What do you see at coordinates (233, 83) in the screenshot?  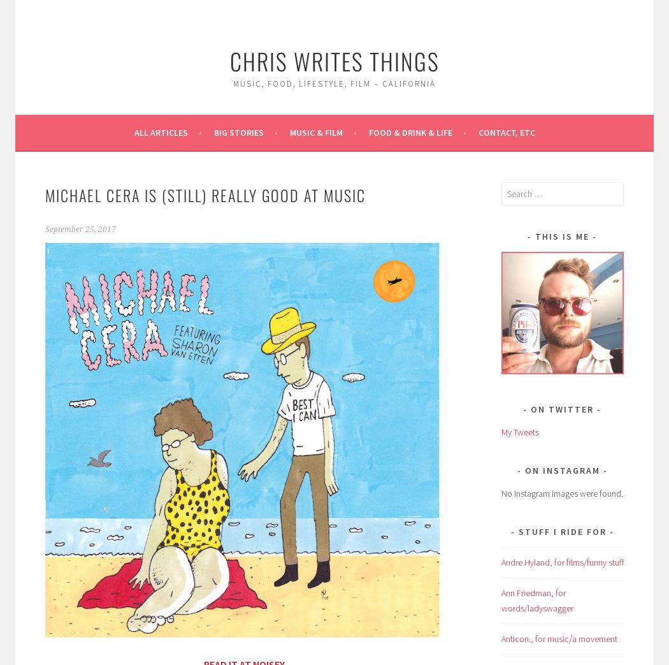 I see `'music, food, lifestyle, film – California'` at bounding box center [233, 83].